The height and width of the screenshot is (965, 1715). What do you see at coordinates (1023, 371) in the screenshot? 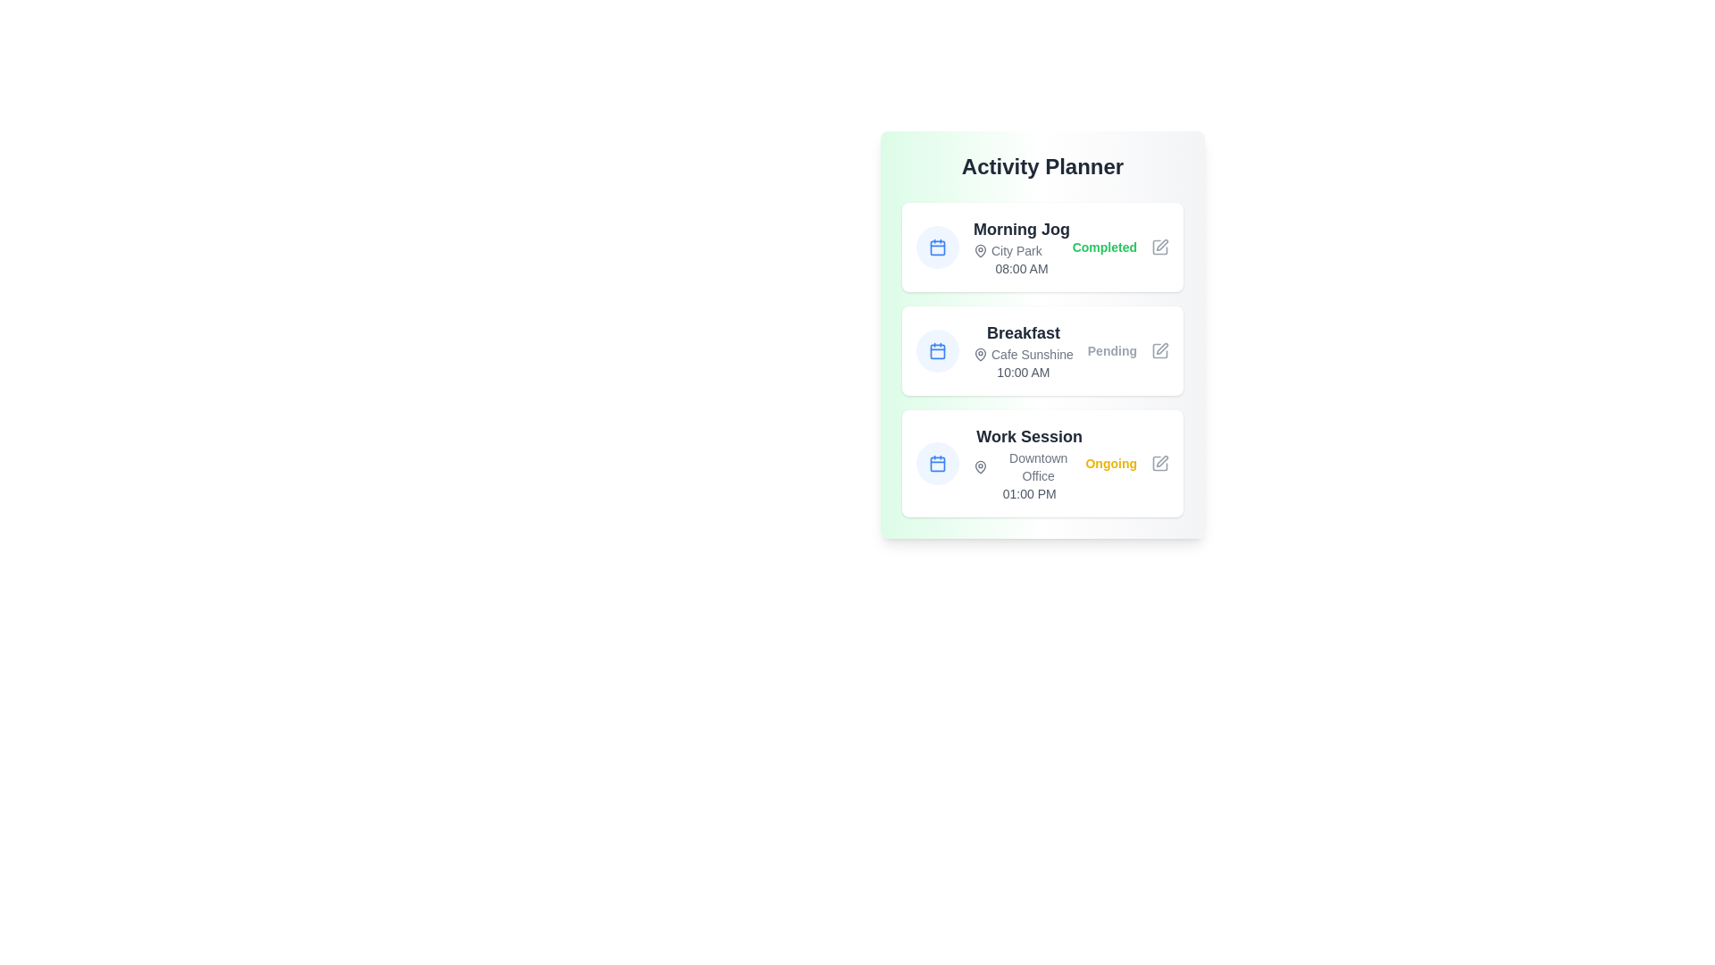
I see `the text indicating the scheduled time for the 'Breakfast' activity, which is located beneath the 'Cafe Sunshine' text within the 'Breakfast' area of the planner` at bounding box center [1023, 371].